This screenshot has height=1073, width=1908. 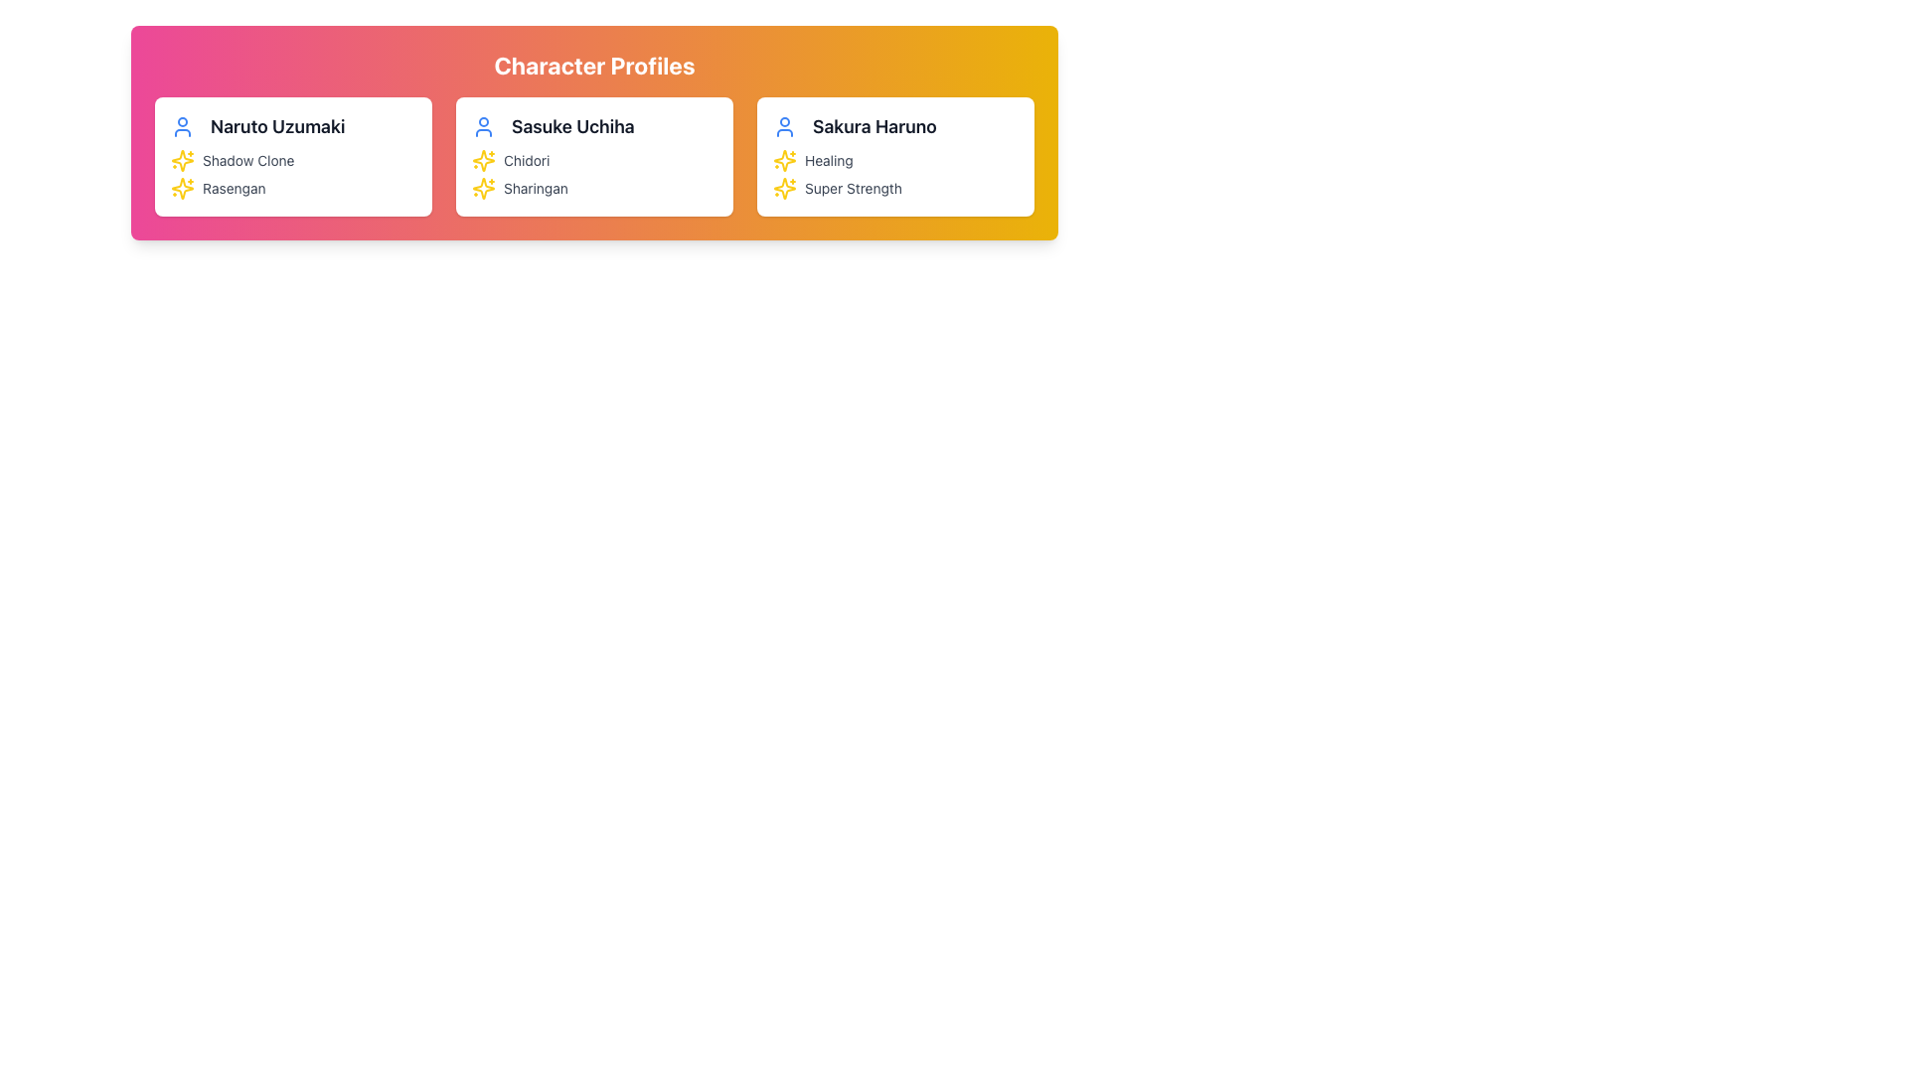 What do you see at coordinates (784, 188) in the screenshot?
I see `the visual design of the small yellow sparkles icon located next to the text 'Super Strength' in the 'Sakura Haruno' card` at bounding box center [784, 188].